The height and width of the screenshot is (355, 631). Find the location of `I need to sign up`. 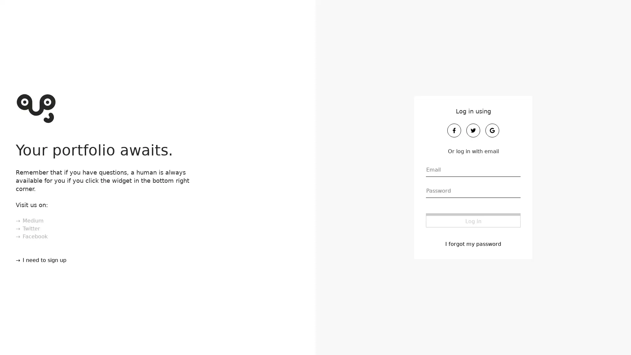

I need to sign up is located at coordinates (40, 259).